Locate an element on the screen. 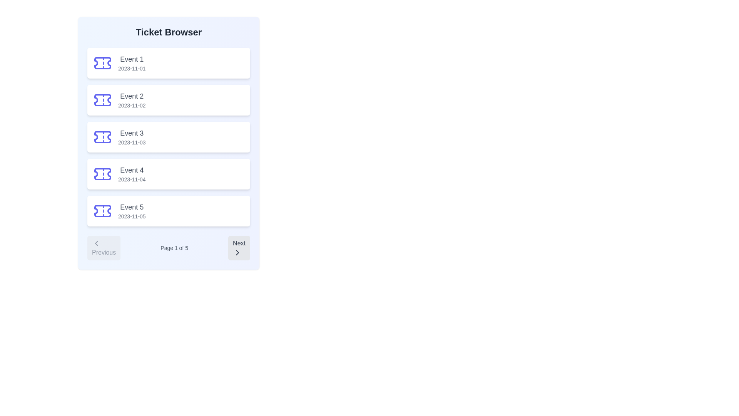 This screenshot has height=416, width=739. the ticket icon representing 'Event 1' in the 'Ticket Browser' list, which is the first icon on the left of the text 'Event 1' and '2023-11-01' is located at coordinates (102, 63).